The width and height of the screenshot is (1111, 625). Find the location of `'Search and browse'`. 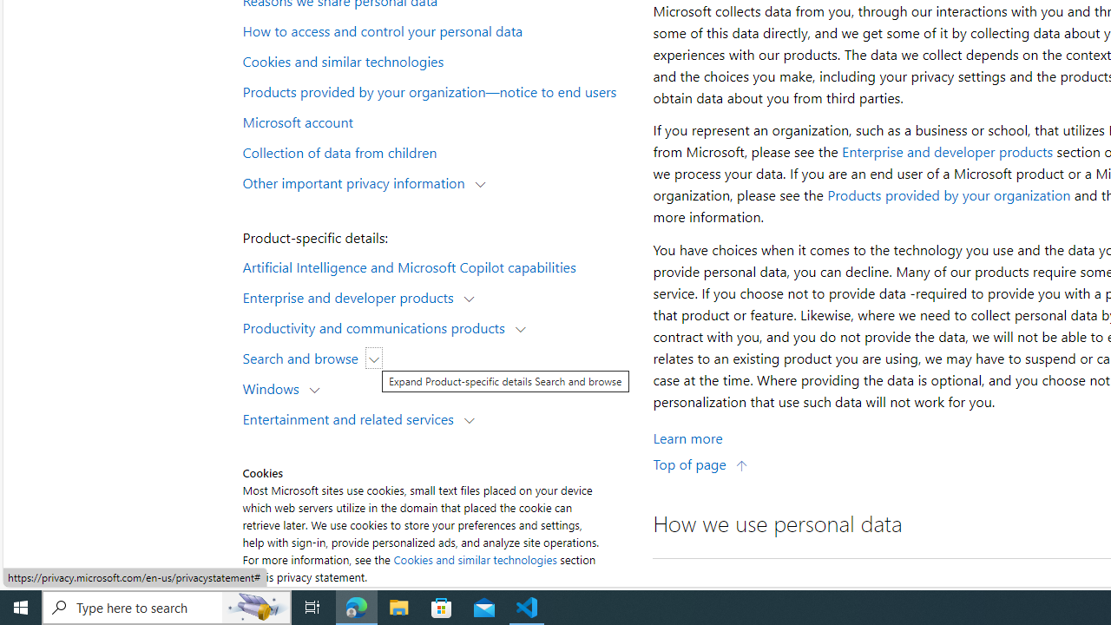

'Search and browse' is located at coordinates (304, 357).